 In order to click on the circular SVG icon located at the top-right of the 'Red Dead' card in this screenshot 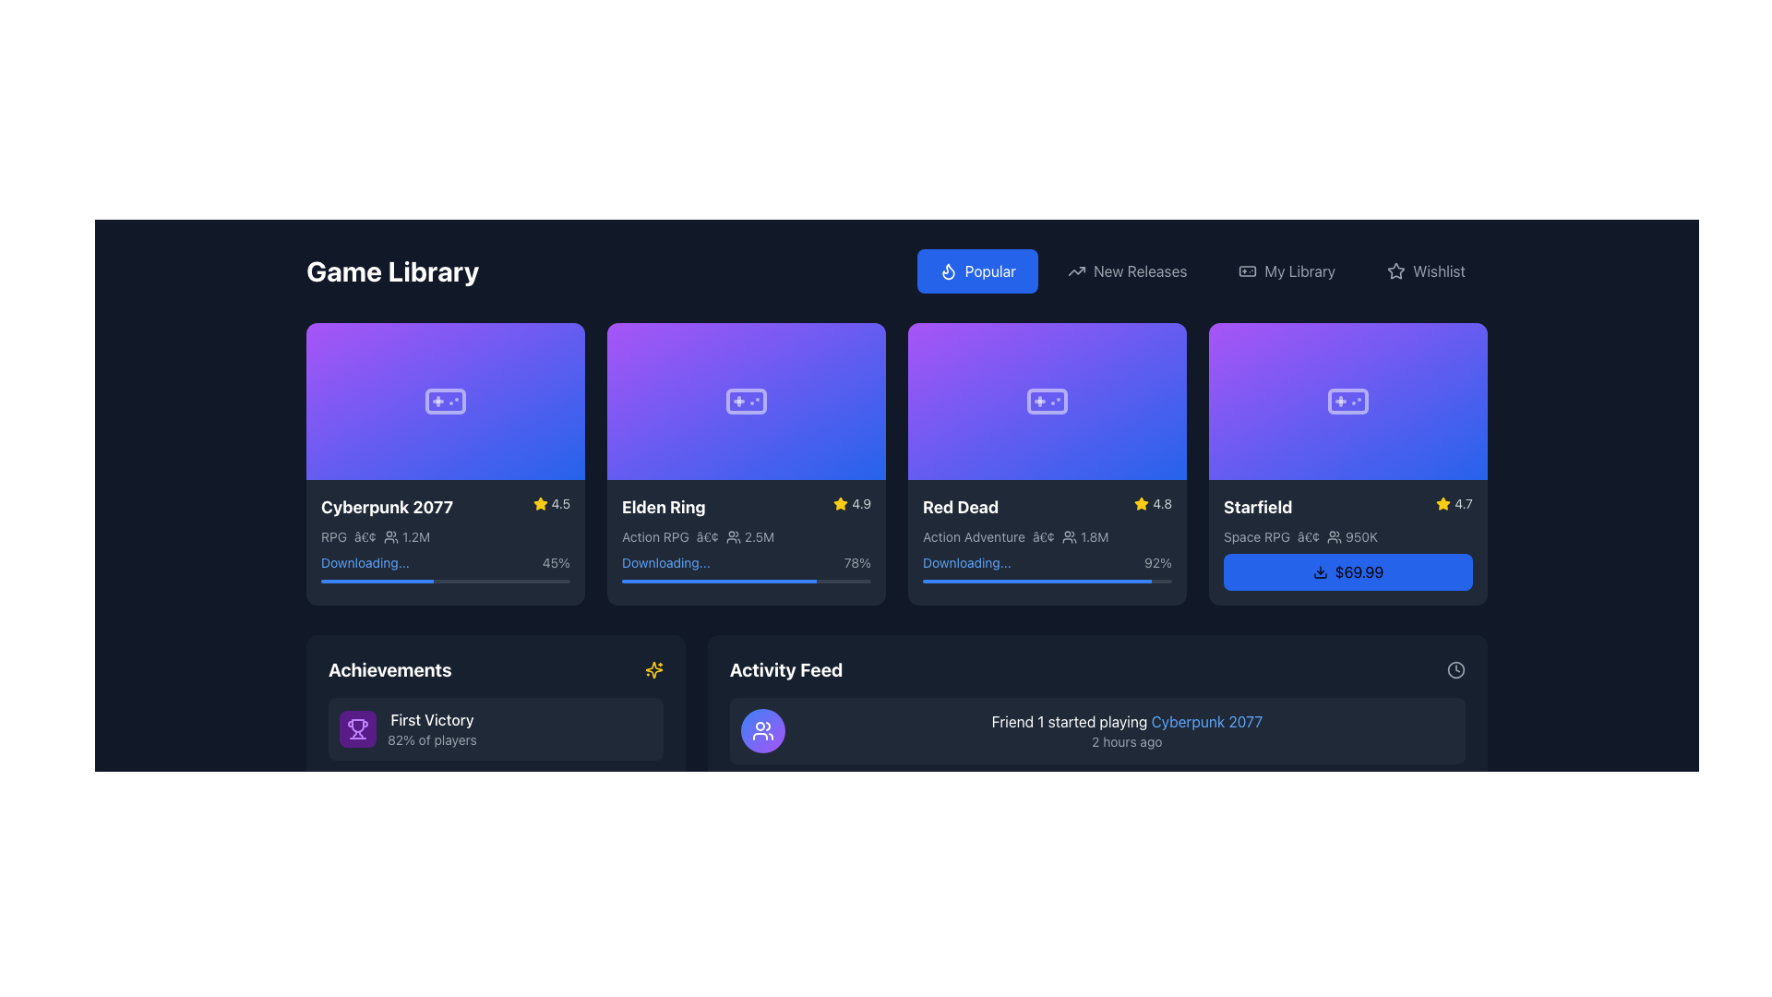, I will do `click(1161, 346)`.